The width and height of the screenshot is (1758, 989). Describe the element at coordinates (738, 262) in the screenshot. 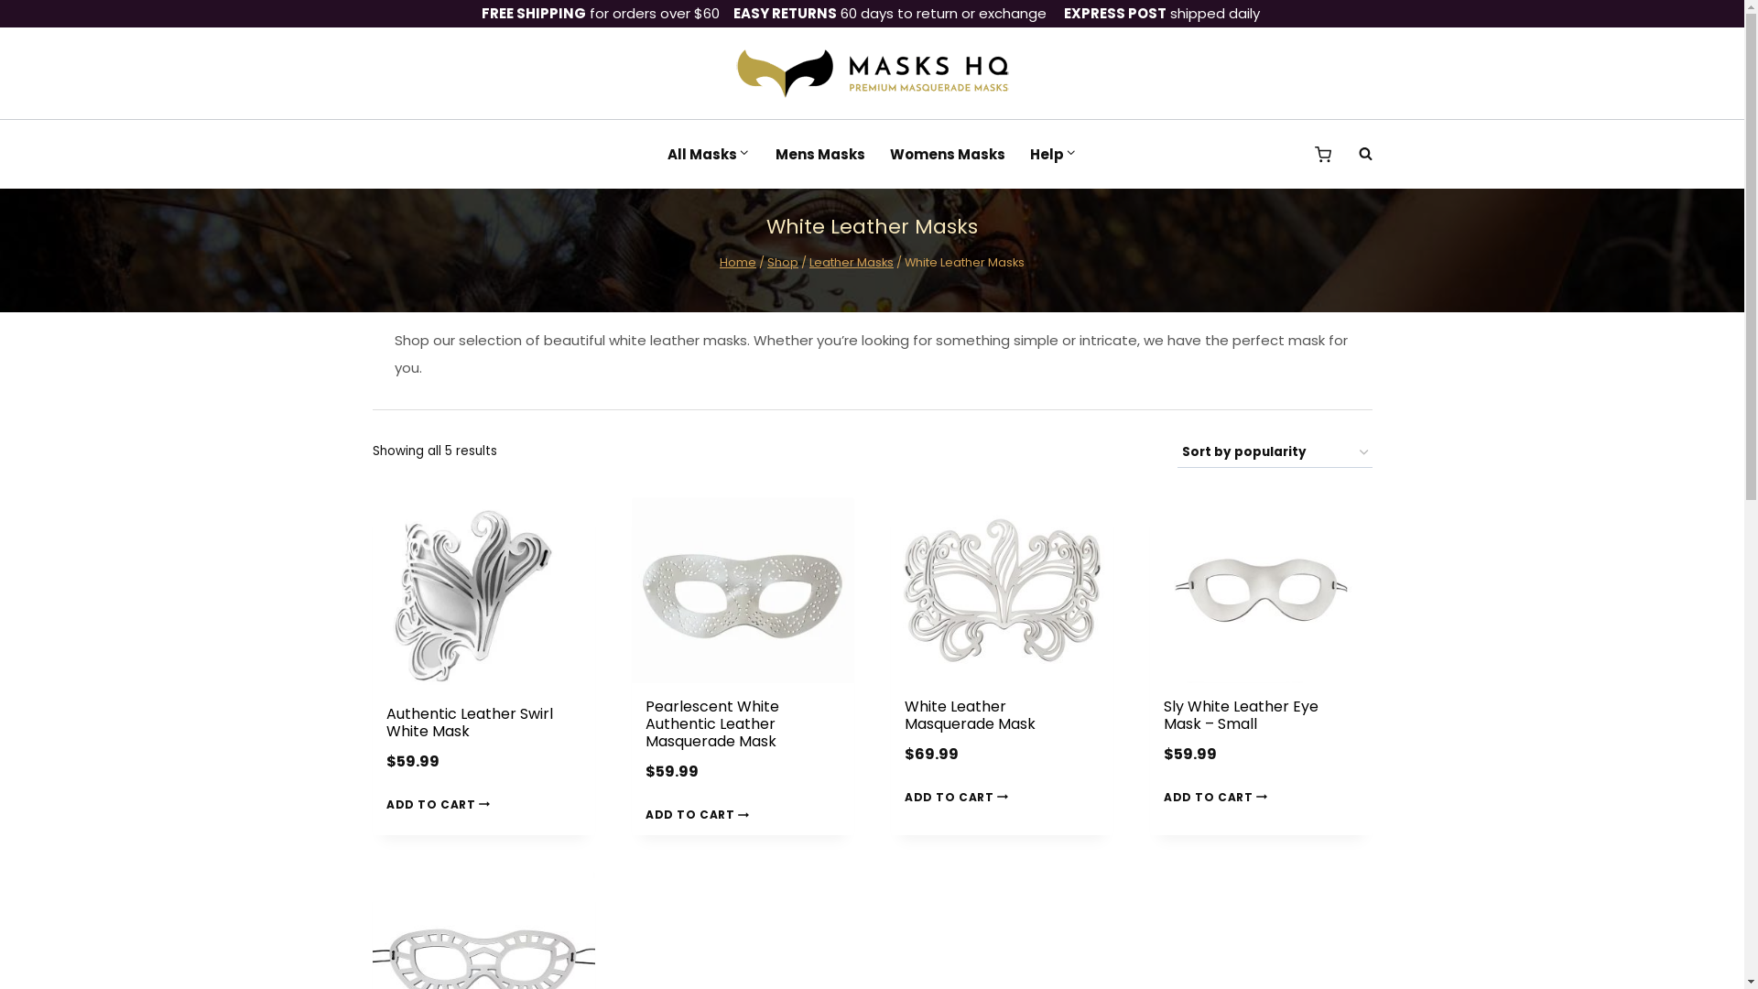

I see `'Home'` at that location.